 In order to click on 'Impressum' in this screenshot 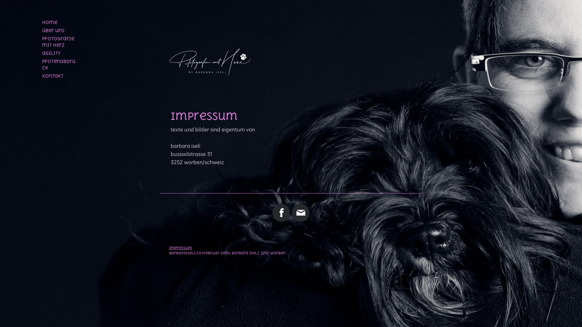, I will do `click(180, 248)`.